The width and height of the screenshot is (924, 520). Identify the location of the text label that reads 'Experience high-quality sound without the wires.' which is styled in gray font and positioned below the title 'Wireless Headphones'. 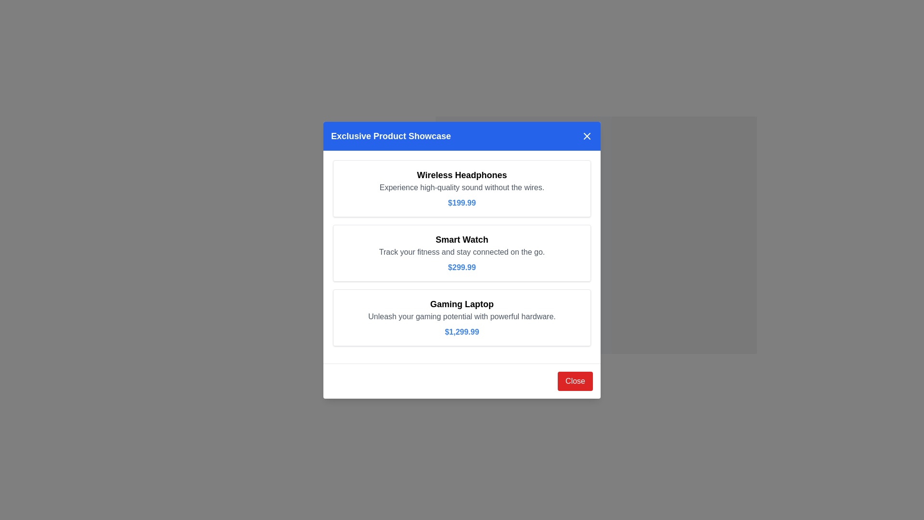
(462, 187).